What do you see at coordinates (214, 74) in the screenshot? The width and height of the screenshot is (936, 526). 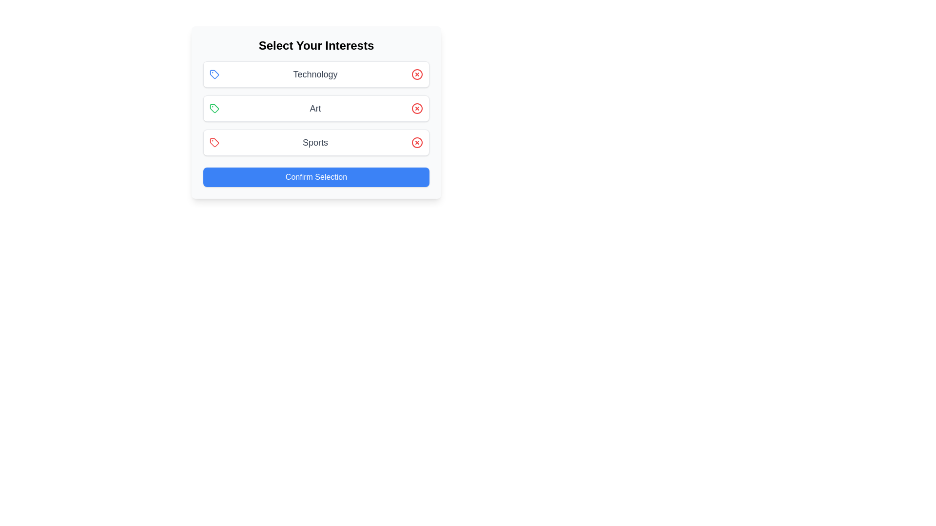 I see `the Technology Icon to observe its hover effect` at bounding box center [214, 74].